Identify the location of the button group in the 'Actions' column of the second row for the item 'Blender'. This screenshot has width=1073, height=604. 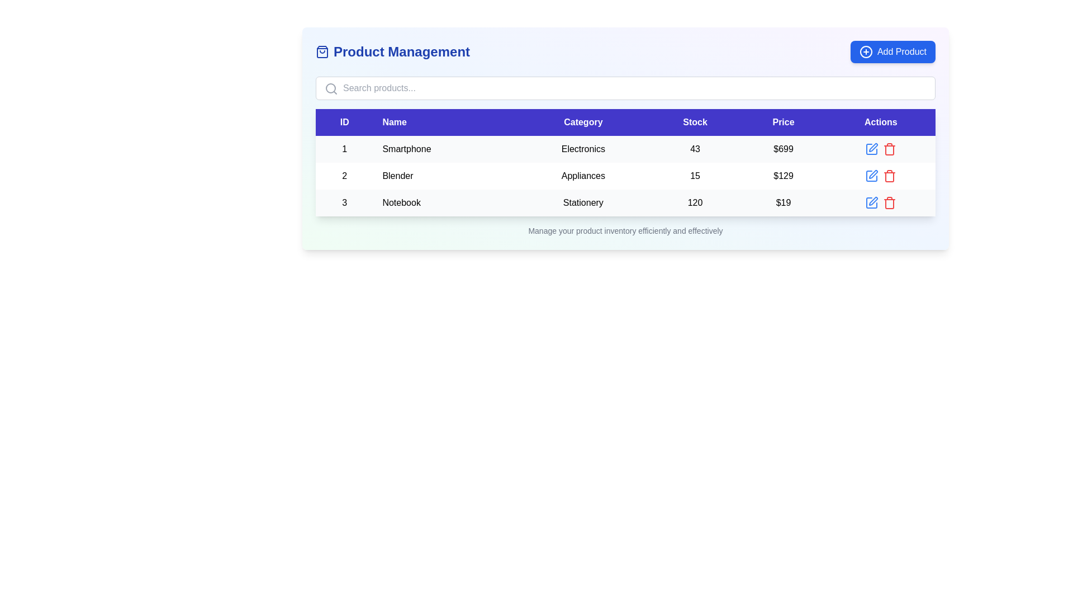
(880, 176).